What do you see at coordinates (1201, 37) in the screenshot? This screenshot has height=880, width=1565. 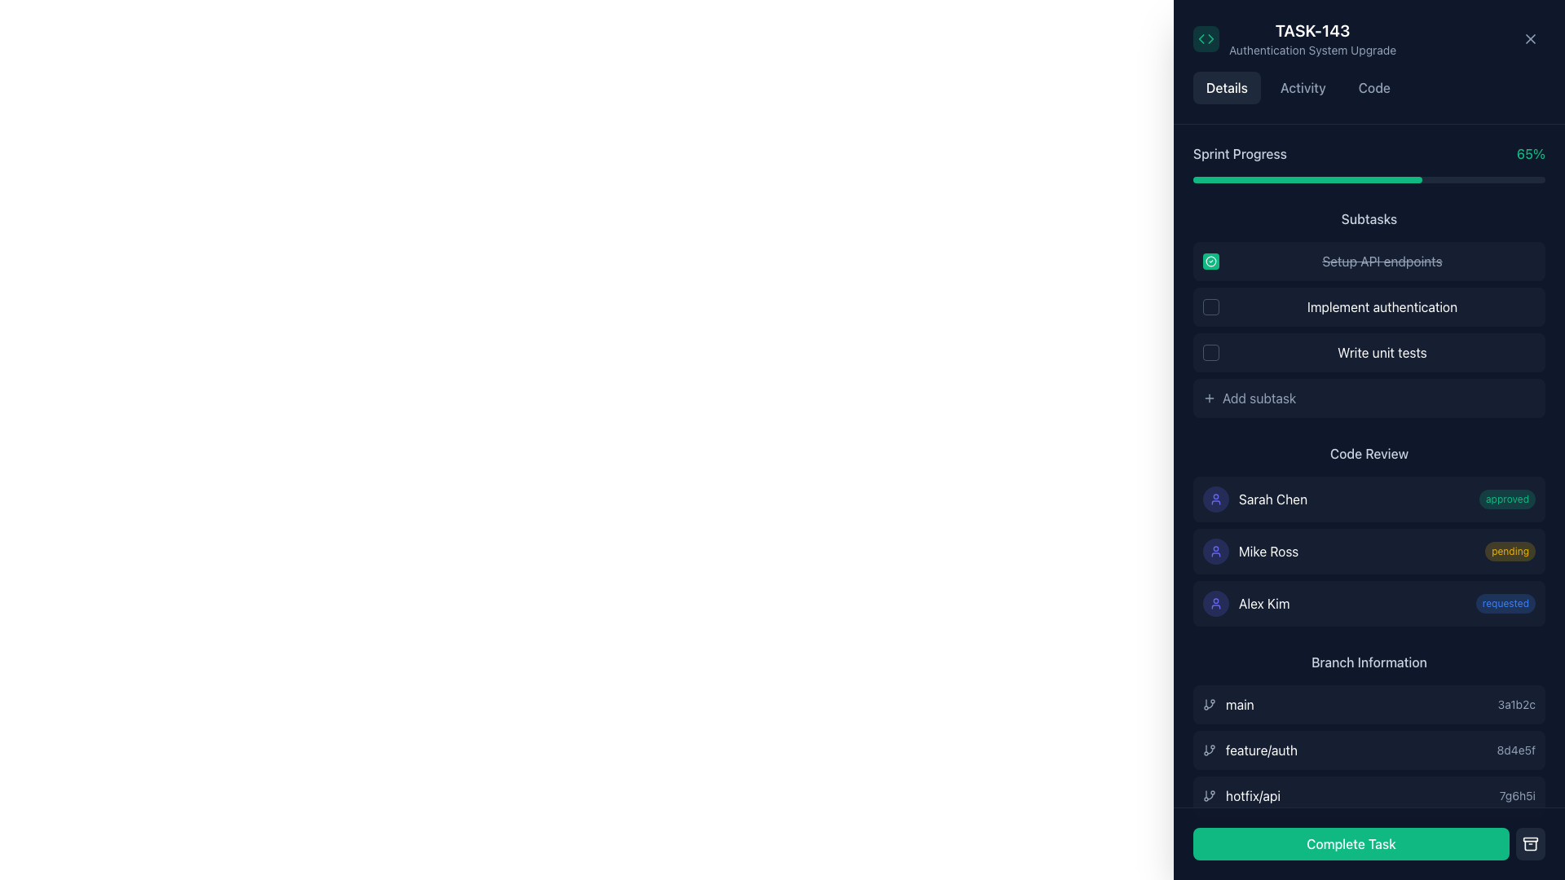 I see `the left navigation arrow icon` at bounding box center [1201, 37].